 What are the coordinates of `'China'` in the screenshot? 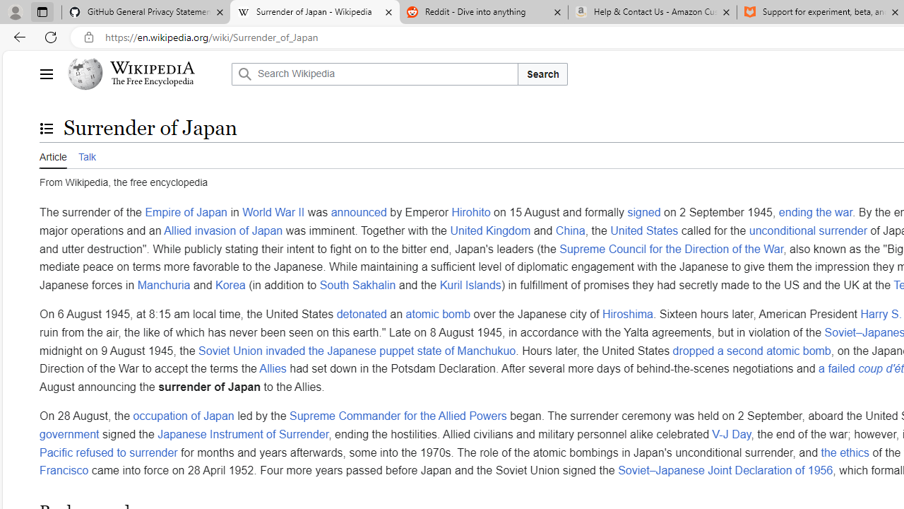 It's located at (570, 229).